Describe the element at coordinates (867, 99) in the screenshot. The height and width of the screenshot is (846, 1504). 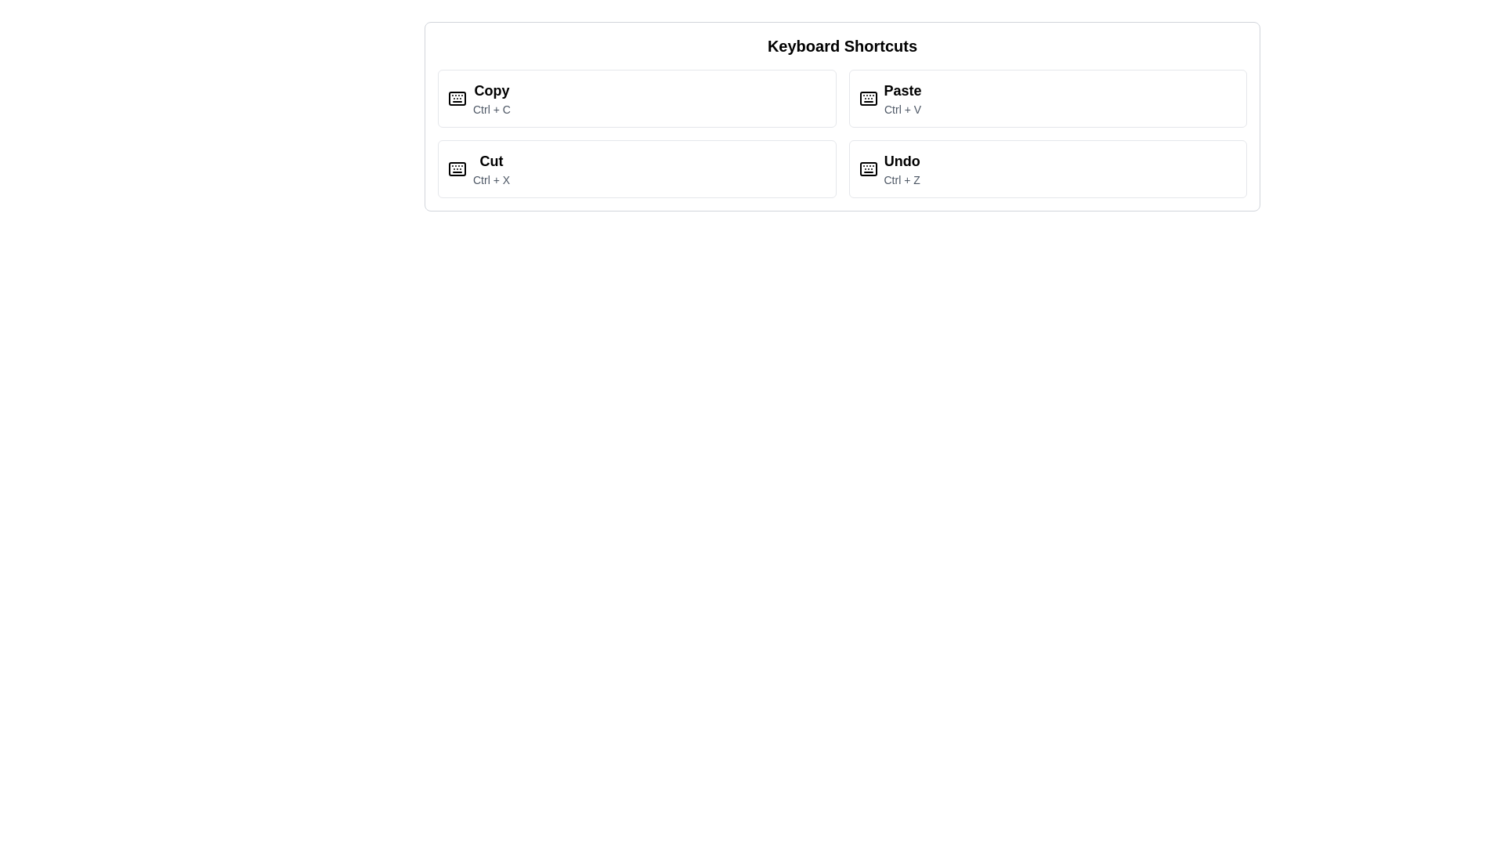
I see `the largest rectangular SVG shape that forms the central part of the keyboard icon` at that location.